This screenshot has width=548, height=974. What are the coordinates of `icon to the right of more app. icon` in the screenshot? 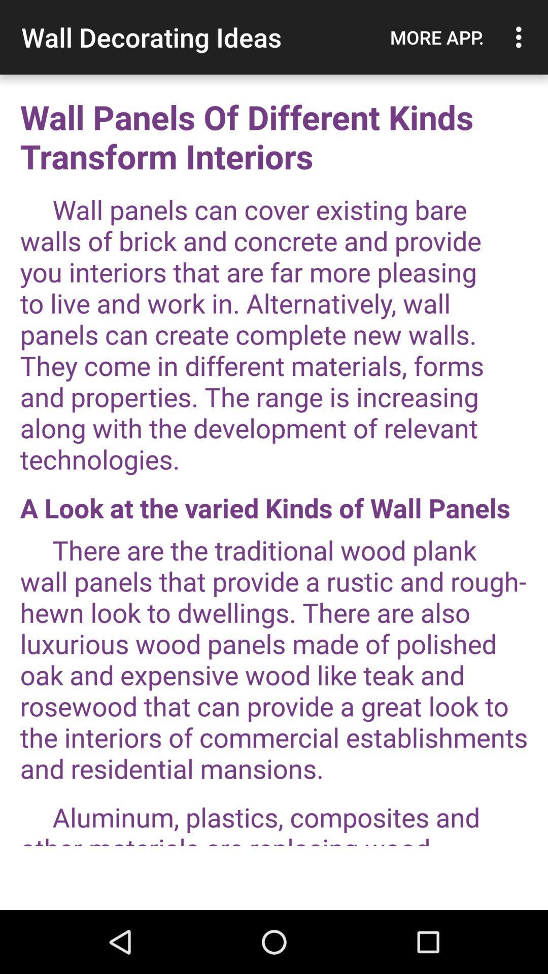 It's located at (521, 37).